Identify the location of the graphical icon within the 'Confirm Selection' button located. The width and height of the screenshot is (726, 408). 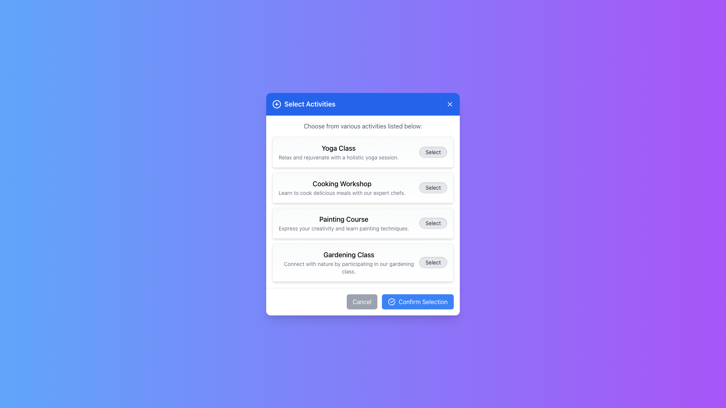
(392, 301).